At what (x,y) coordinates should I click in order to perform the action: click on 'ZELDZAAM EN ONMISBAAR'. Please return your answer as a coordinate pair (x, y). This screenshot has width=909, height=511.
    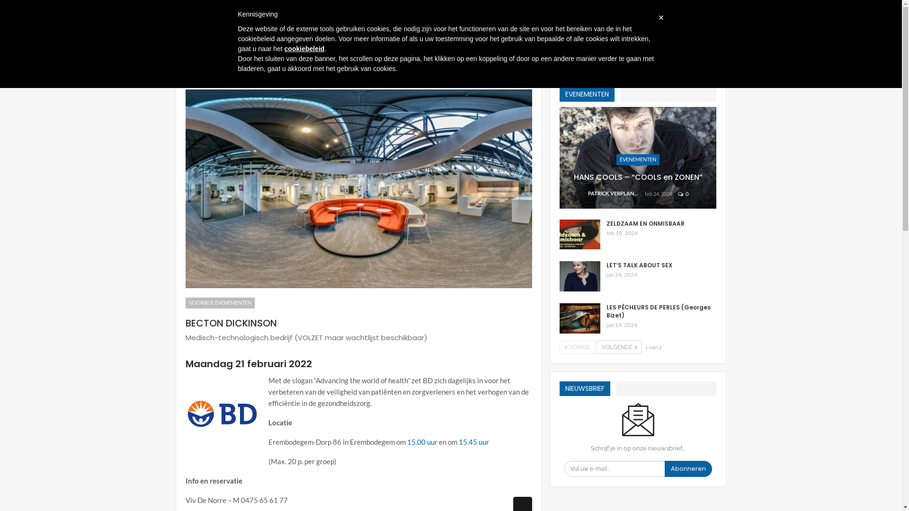
    Looking at the image, I should click on (579, 234).